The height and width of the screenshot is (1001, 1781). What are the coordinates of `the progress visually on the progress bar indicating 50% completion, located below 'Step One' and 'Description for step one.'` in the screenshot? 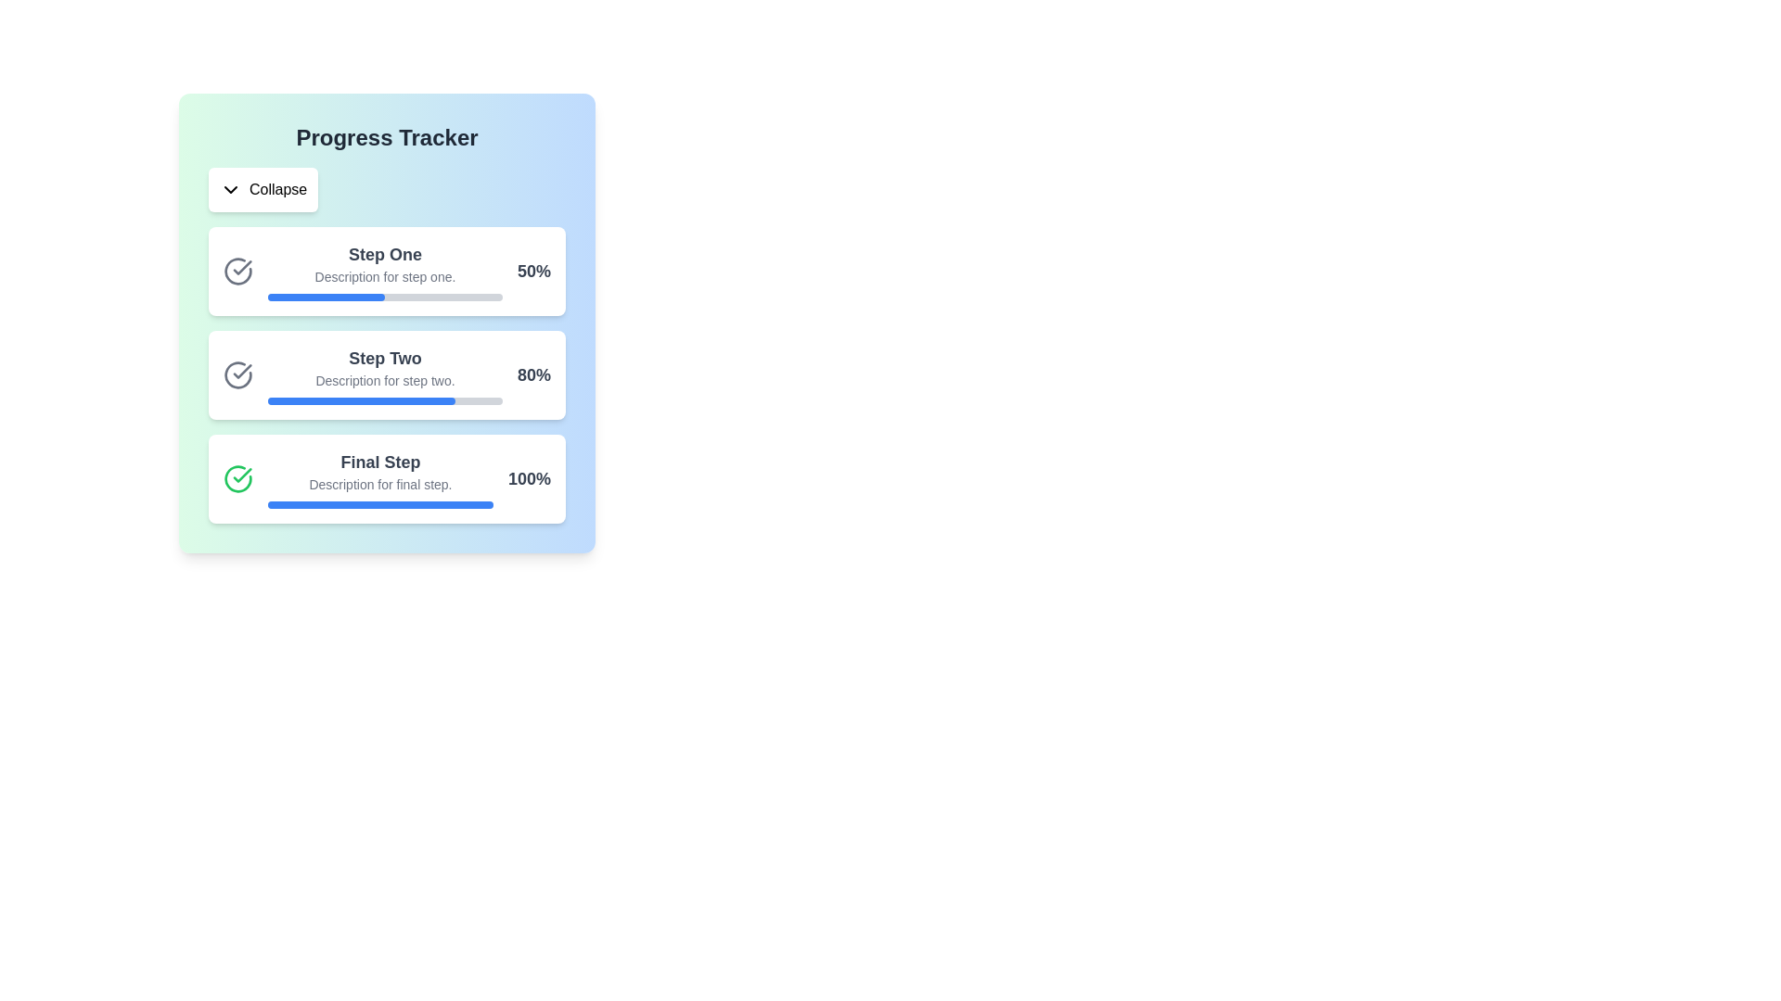 It's located at (384, 296).